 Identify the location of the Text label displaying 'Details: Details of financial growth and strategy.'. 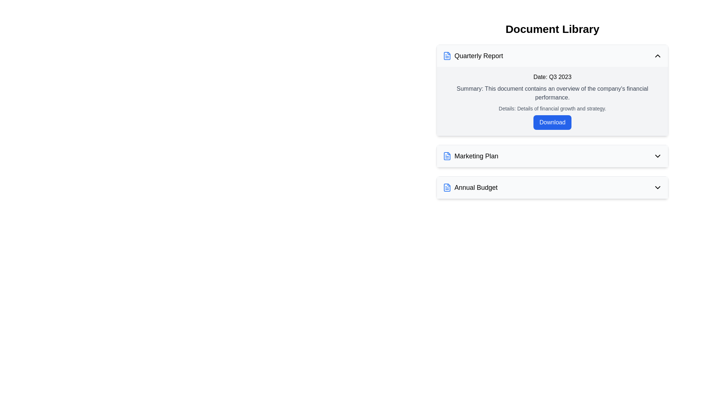
(552, 109).